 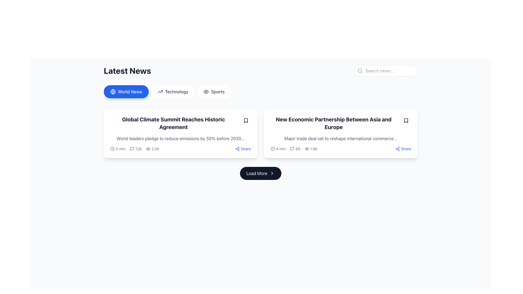 What do you see at coordinates (340, 123) in the screenshot?
I see `the text display element with the headline 'New Economic Partnership Between Asia and Europe' located in the second card of the 'Latest News' section` at bounding box center [340, 123].